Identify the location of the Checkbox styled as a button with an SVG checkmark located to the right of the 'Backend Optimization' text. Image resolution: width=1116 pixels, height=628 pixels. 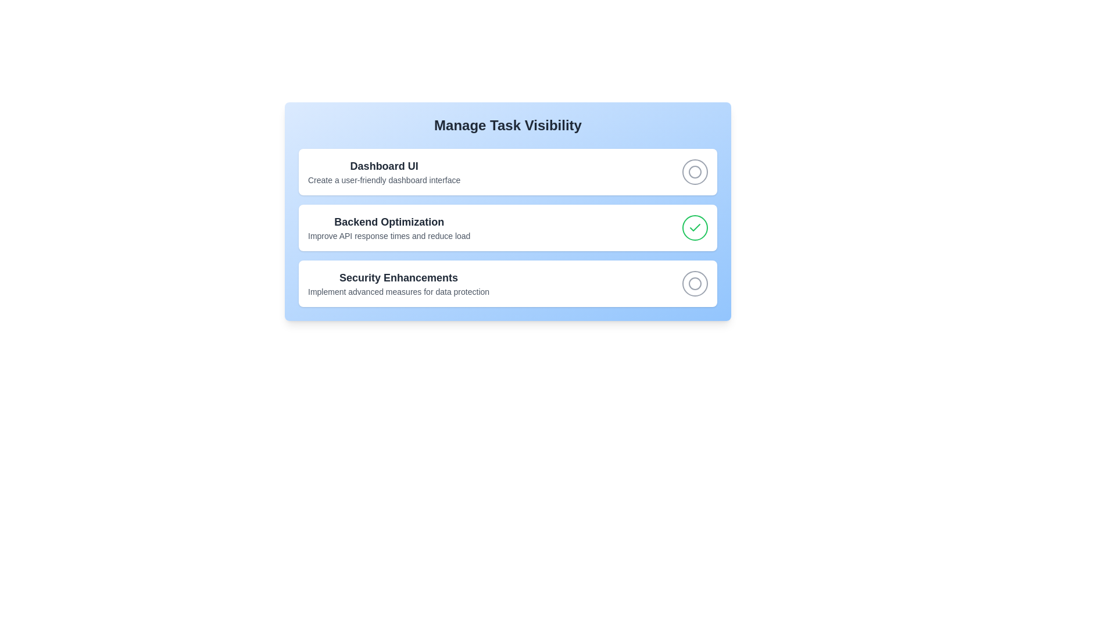
(695, 227).